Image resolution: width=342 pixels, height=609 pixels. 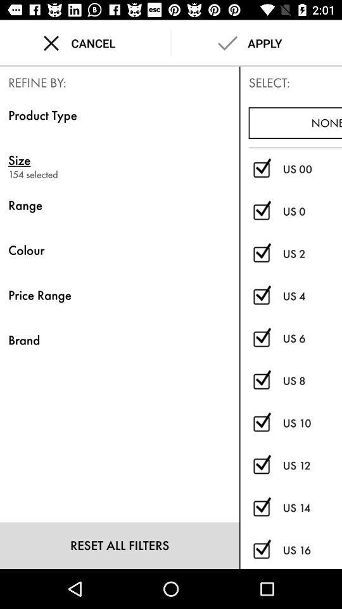 What do you see at coordinates (261, 211) in the screenshot?
I see `filter size 0` at bounding box center [261, 211].